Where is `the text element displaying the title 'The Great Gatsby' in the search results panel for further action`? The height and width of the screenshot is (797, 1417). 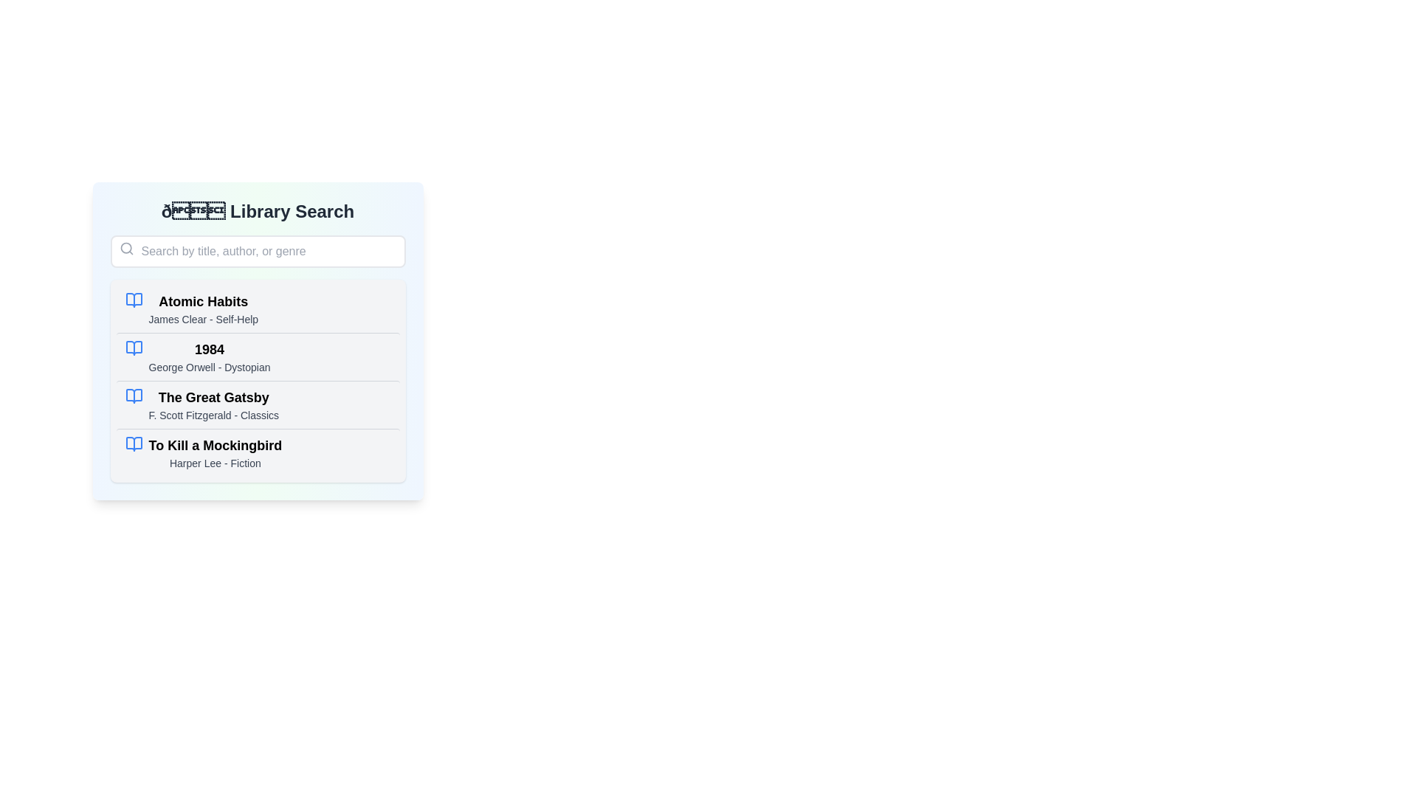
the text element displaying the title 'The Great Gatsby' in the search results panel for further action is located at coordinates (213, 397).